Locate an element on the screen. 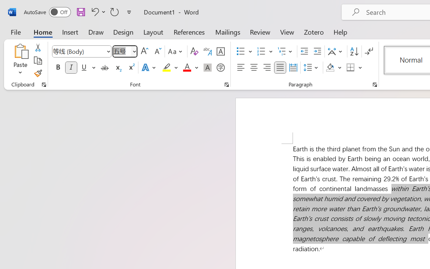  'Shrink Font' is located at coordinates (157, 51).